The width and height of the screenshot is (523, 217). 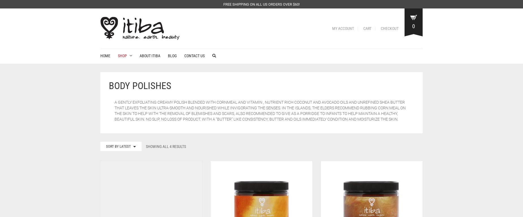 I want to click on 'Men', so click(x=124, y=124).